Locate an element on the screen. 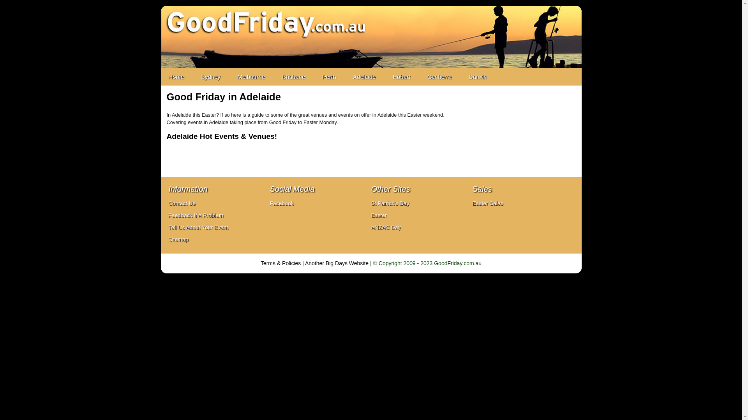 This screenshot has height=420, width=748. 'Tell Us About Your Event' is located at coordinates (168, 227).